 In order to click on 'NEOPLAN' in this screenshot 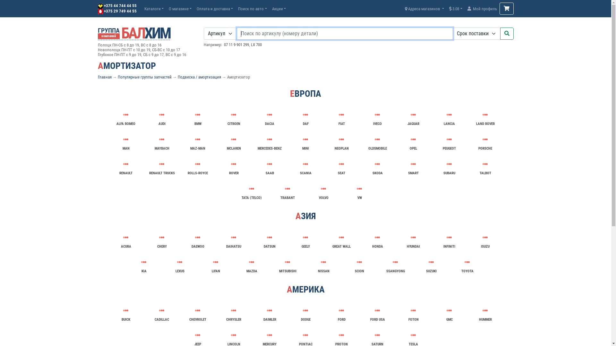, I will do `click(341, 139)`.